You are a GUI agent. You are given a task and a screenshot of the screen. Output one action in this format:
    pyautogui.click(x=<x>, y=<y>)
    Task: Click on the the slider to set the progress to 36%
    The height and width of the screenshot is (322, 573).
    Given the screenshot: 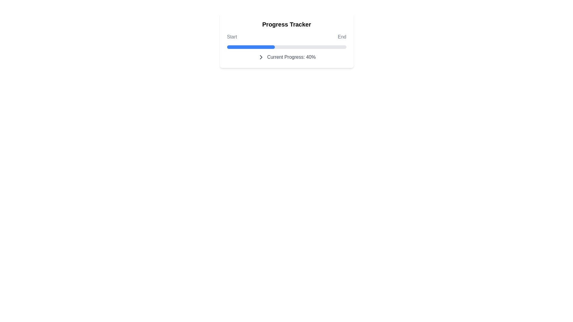 What is the action you would take?
    pyautogui.click(x=329, y=47)
    